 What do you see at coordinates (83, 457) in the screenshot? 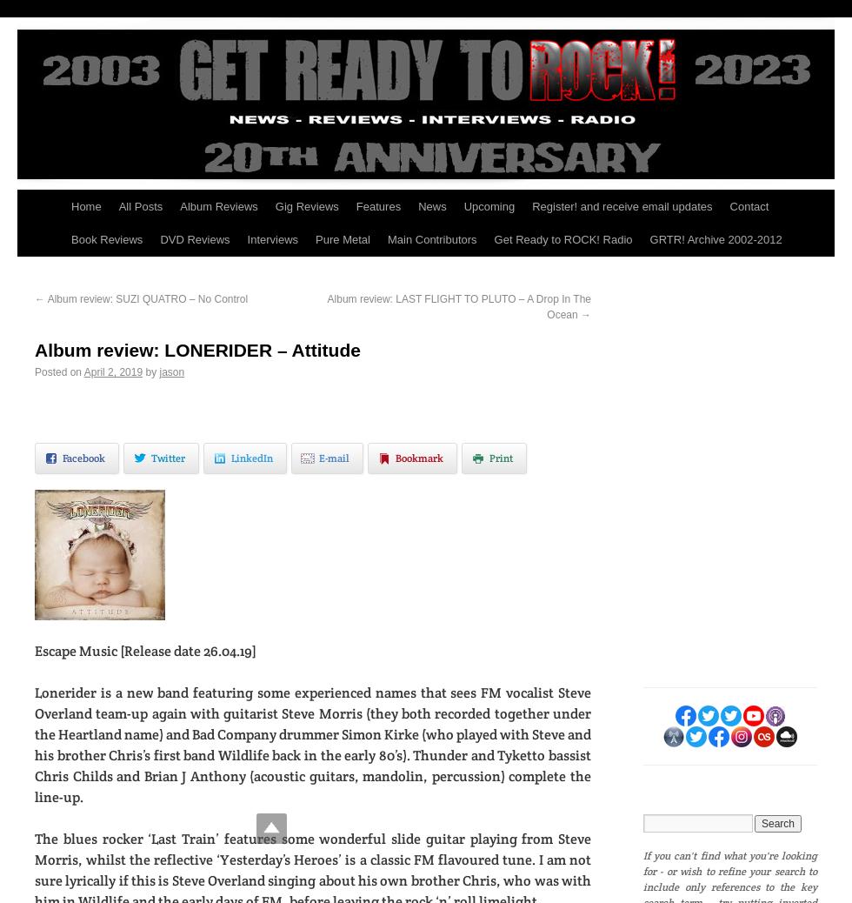
I see `'Facebook'` at bounding box center [83, 457].